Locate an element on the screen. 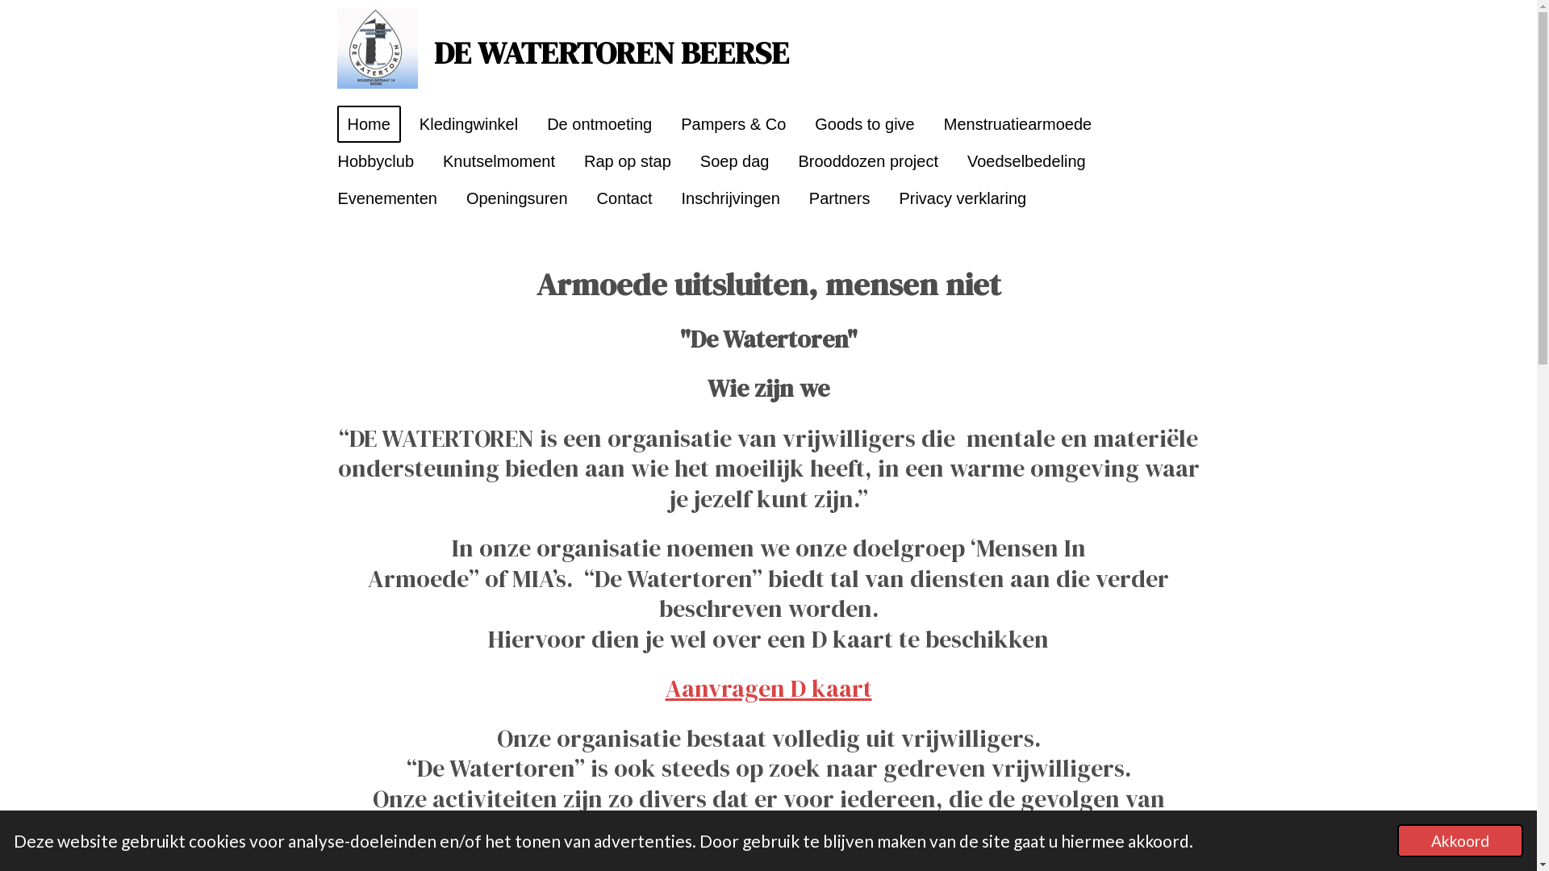 Image resolution: width=1549 pixels, height=871 pixels. 'Goods to give' is located at coordinates (804, 123).